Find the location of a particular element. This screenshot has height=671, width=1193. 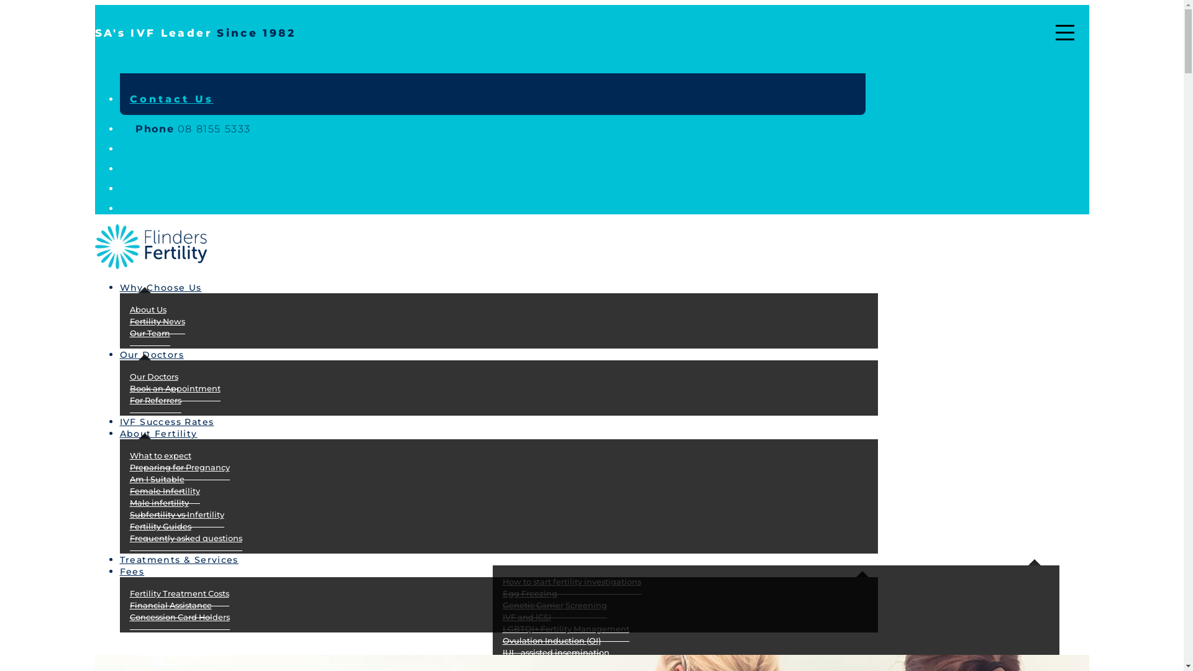

'Male infertility' is located at coordinates (158, 503).